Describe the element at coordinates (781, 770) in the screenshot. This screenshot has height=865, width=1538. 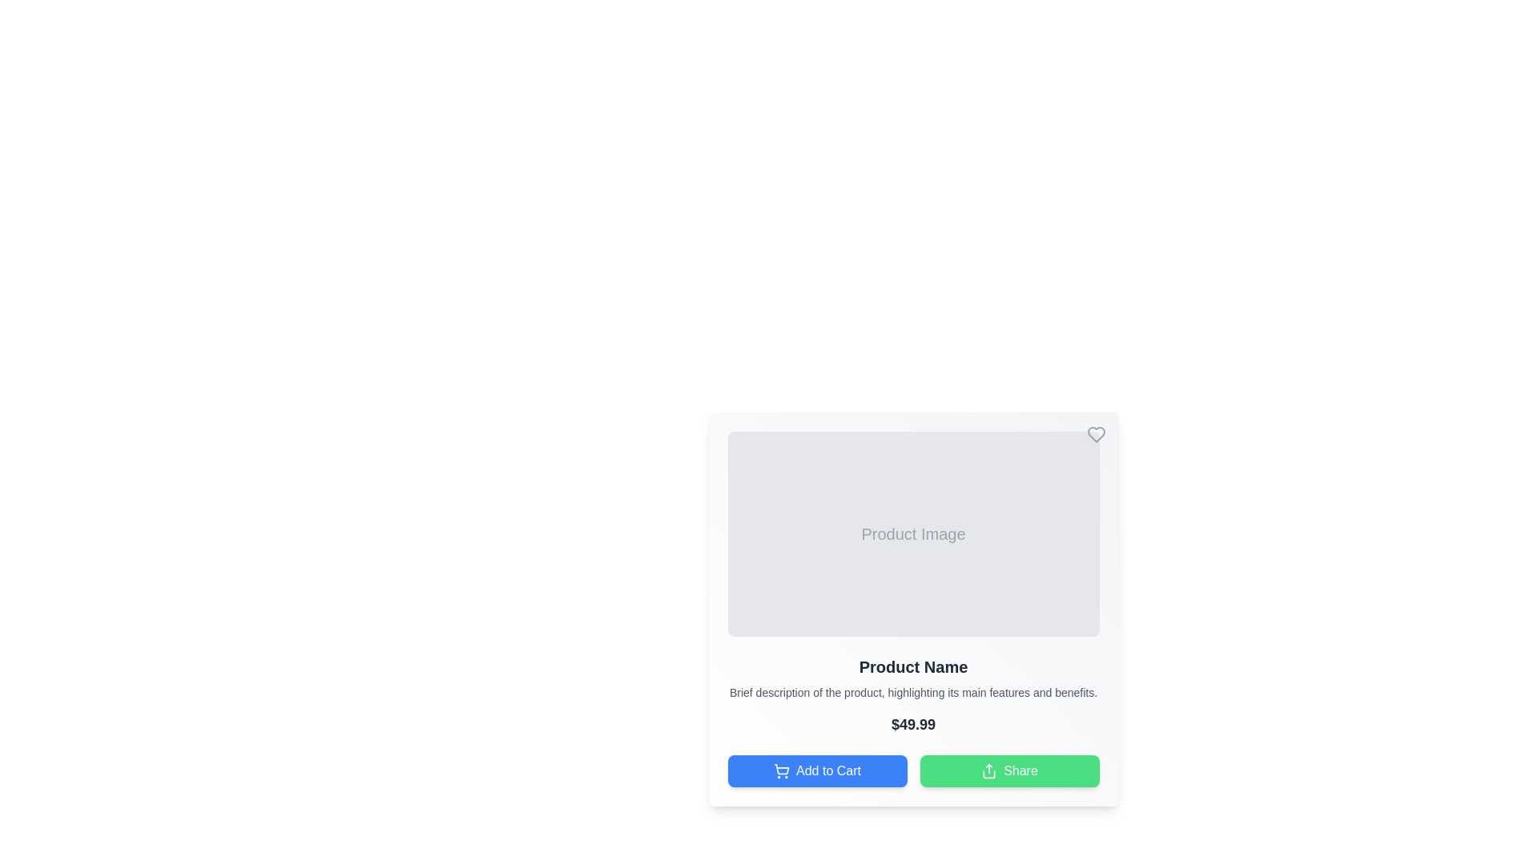
I see `the shopping cart icon on the left side of the 'Add to Cart' button` at that location.